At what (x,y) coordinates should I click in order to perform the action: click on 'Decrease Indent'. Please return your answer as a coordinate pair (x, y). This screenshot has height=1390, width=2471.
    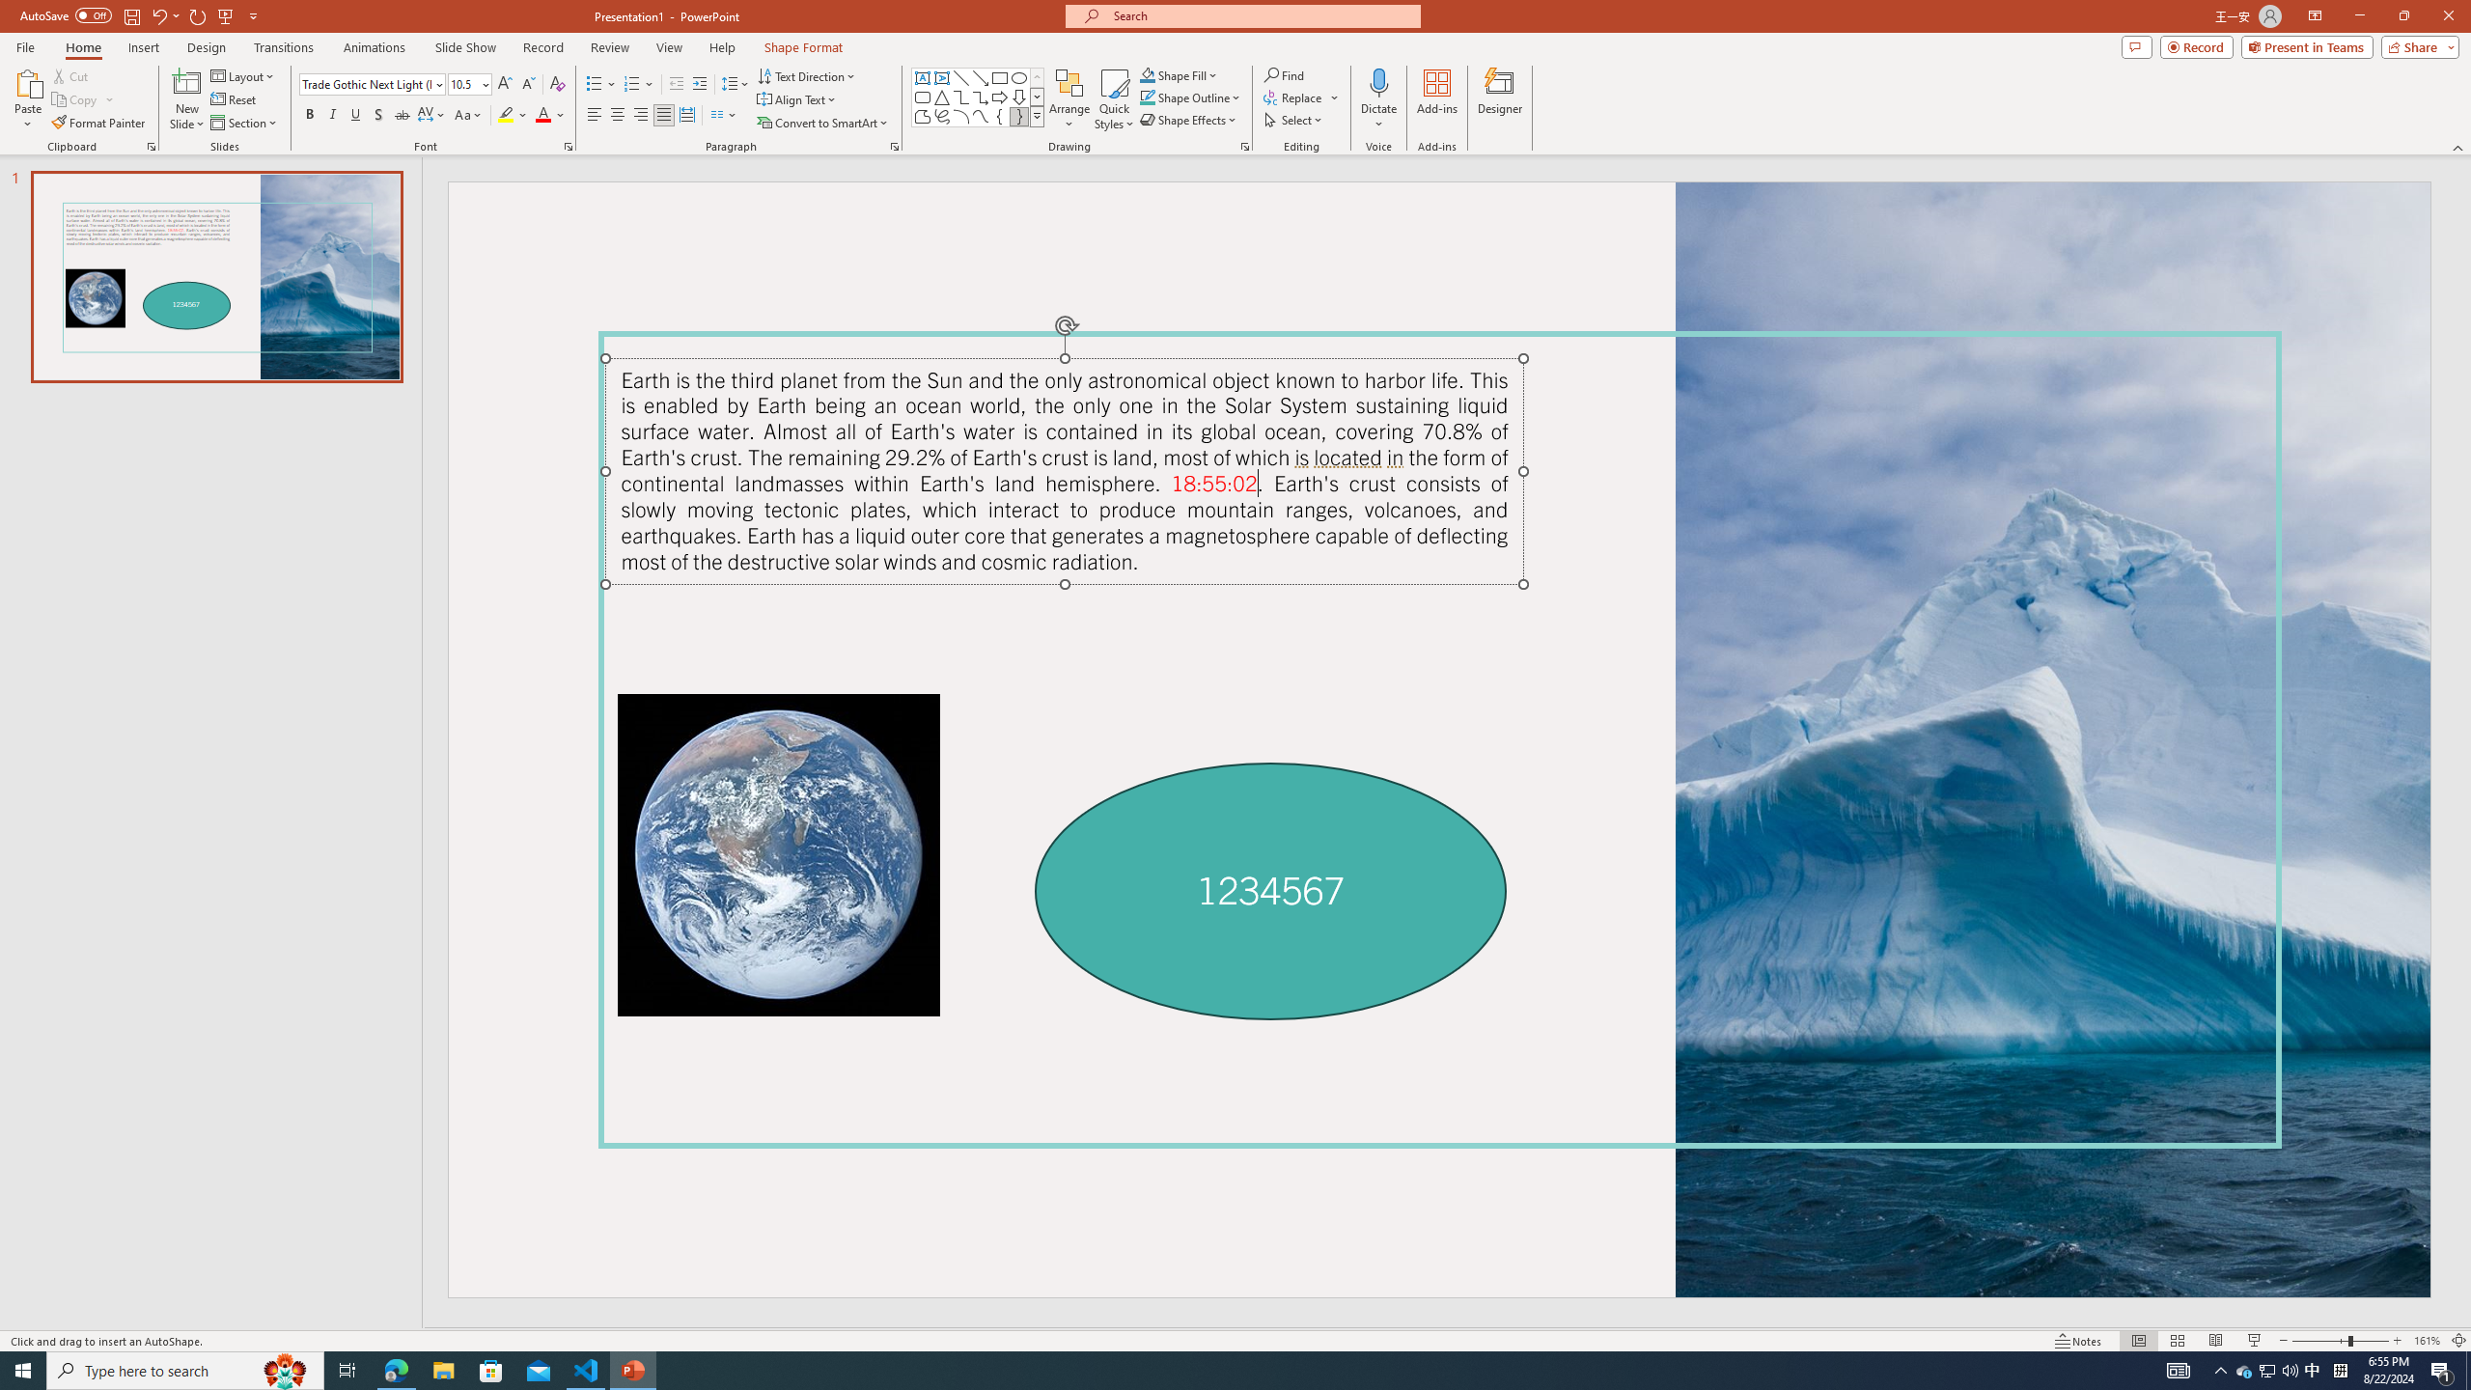
    Looking at the image, I should click on (677, 84).